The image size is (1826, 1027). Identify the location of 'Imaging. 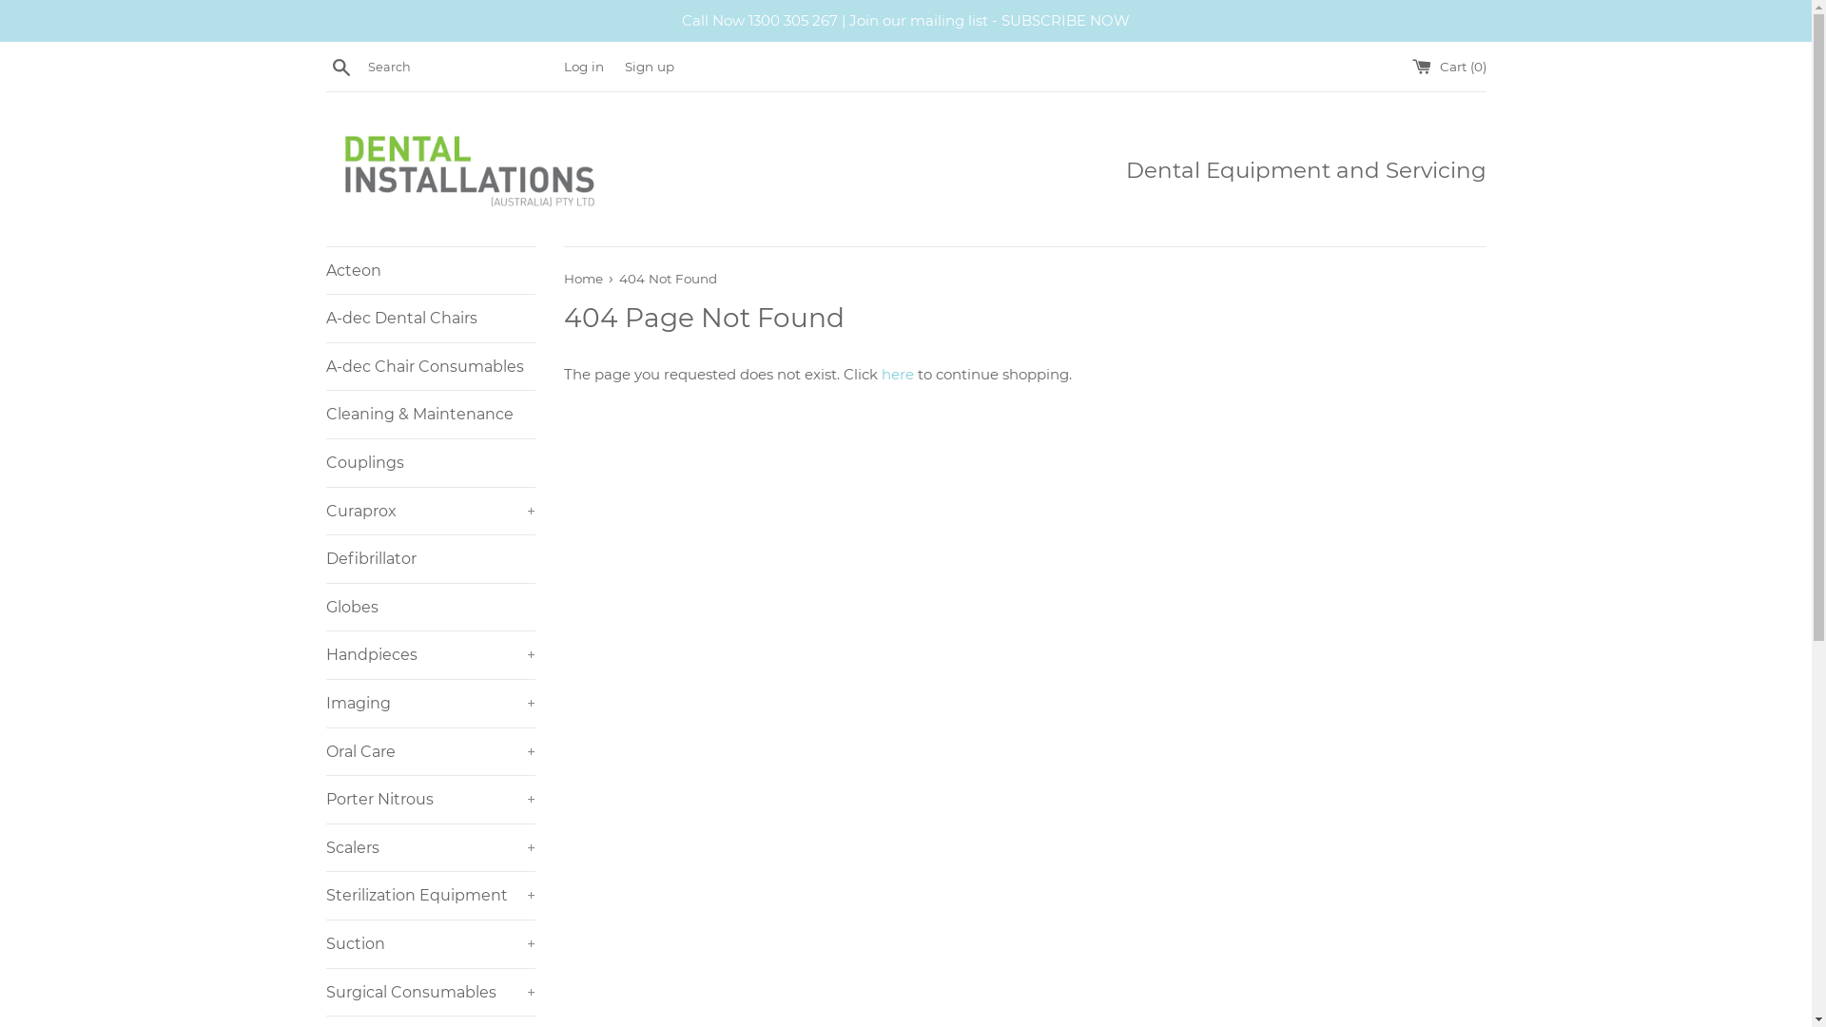
(324, 704).